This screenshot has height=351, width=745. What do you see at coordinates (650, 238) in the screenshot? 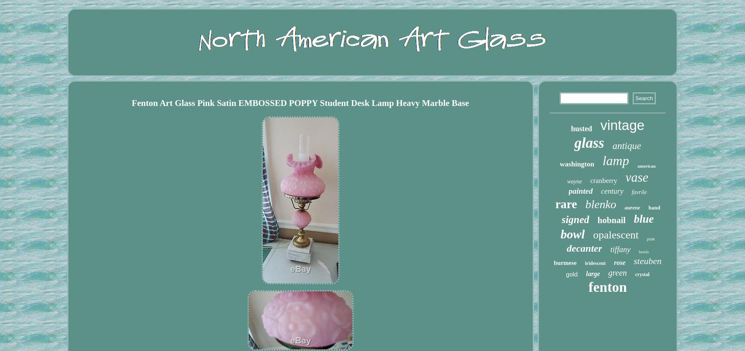
I see `'pink'` at bounding box center [650, 238].